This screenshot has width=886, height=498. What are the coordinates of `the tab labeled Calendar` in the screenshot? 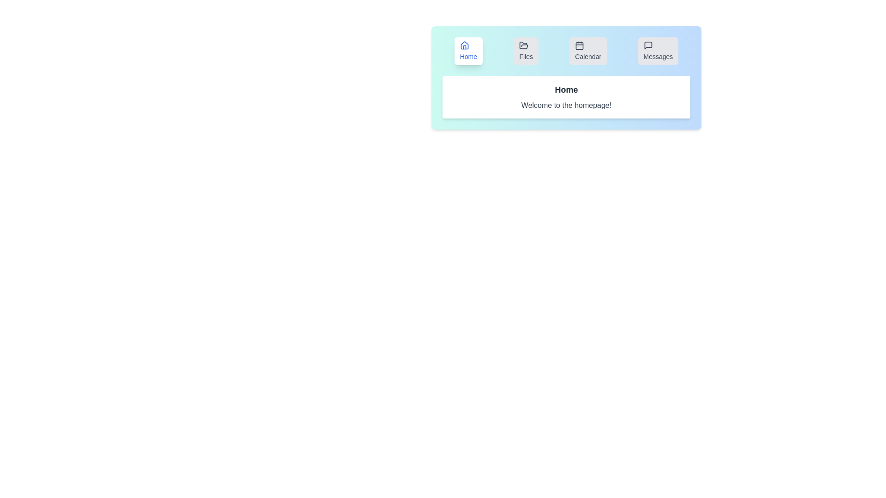 It's located at (587, 51).